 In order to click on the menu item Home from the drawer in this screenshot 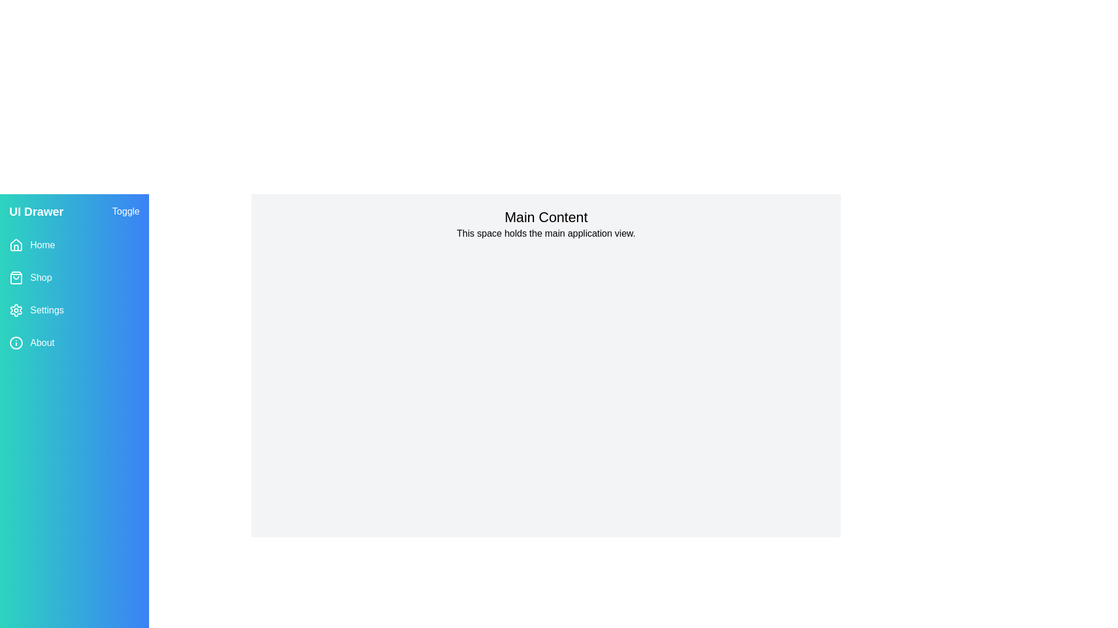, I will do `click(74, 244)`.